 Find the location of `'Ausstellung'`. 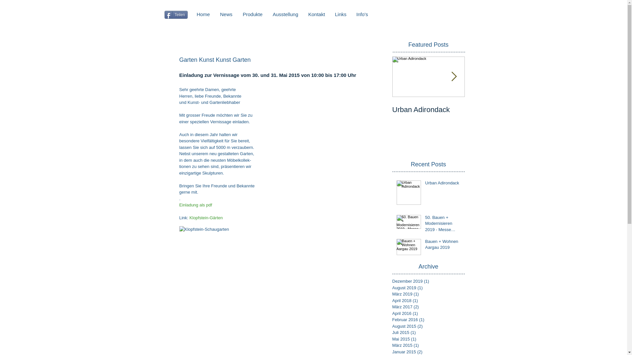

'Ausstellung' is located at coordinates (268, 14).